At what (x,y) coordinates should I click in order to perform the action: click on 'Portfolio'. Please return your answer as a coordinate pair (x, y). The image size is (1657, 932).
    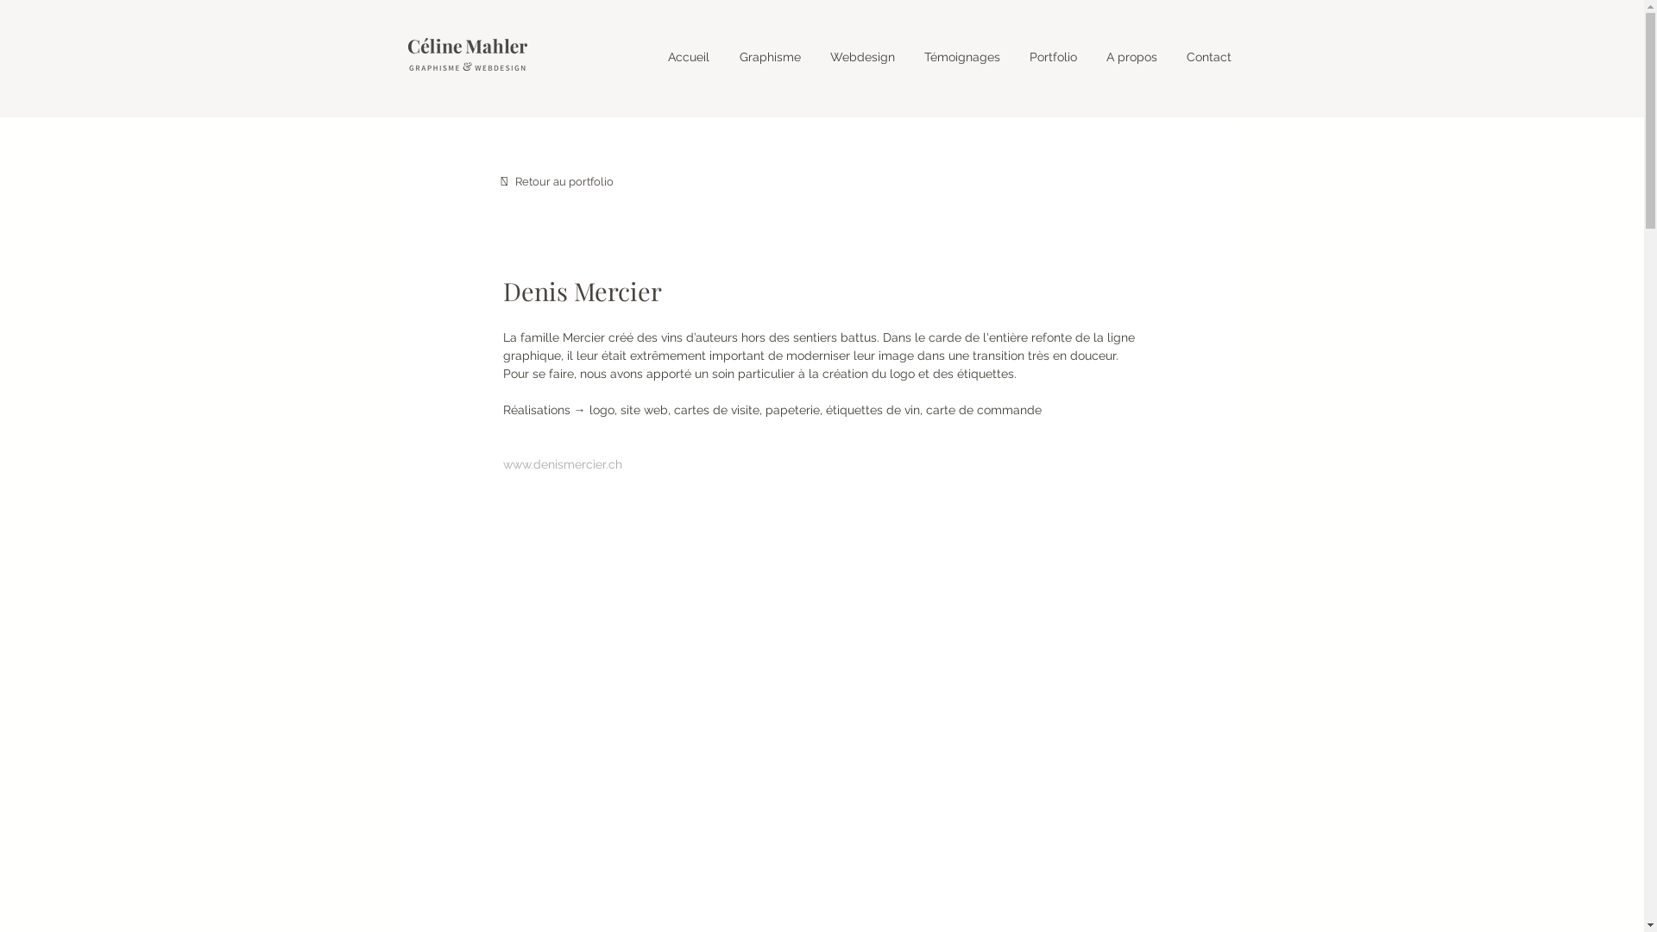
    Looking at the image, I should click on (1052, 55).